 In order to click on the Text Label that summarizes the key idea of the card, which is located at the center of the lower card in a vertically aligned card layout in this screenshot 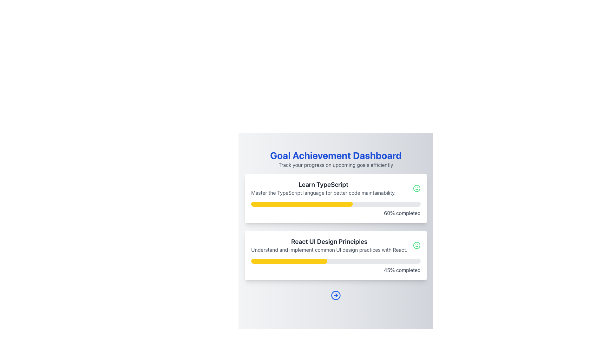, I will do `click(329, 242)`.